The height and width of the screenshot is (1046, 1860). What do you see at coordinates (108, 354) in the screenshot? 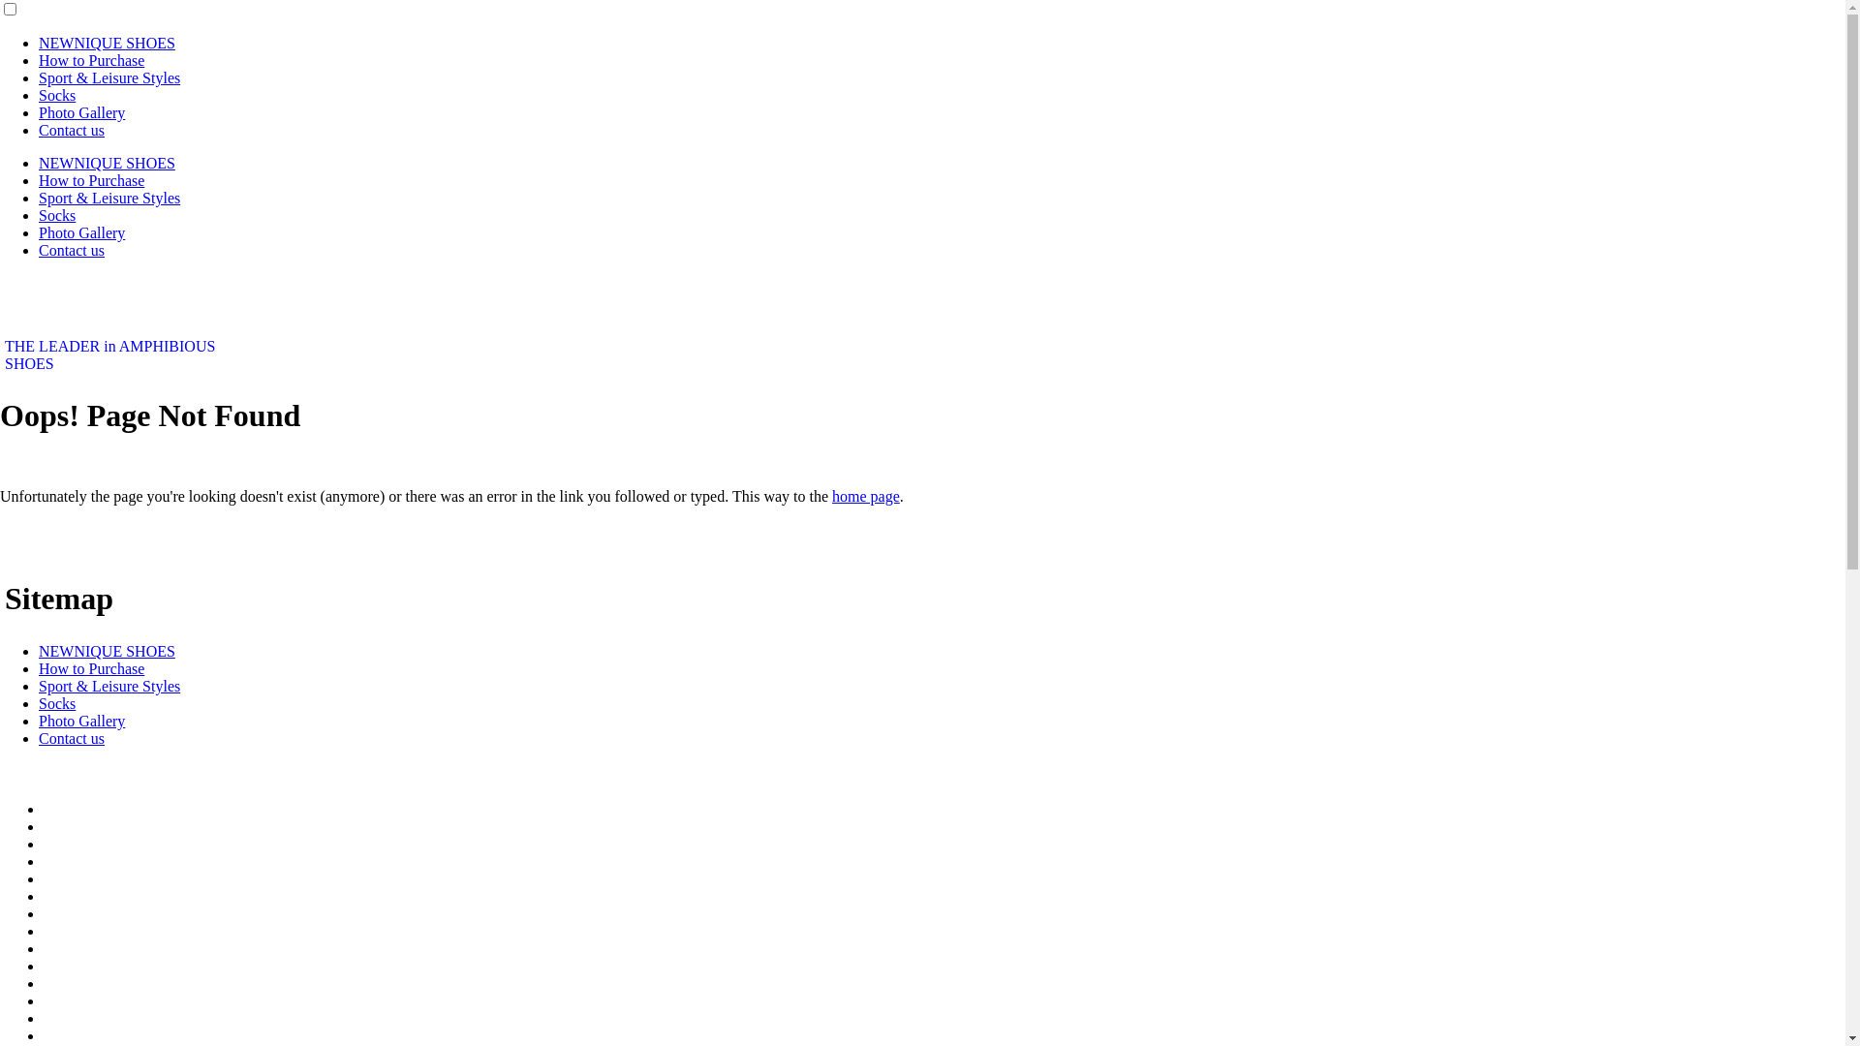
I see `'THE LEADER in AMPHIBIOUS` at bounding box center [108, 354].